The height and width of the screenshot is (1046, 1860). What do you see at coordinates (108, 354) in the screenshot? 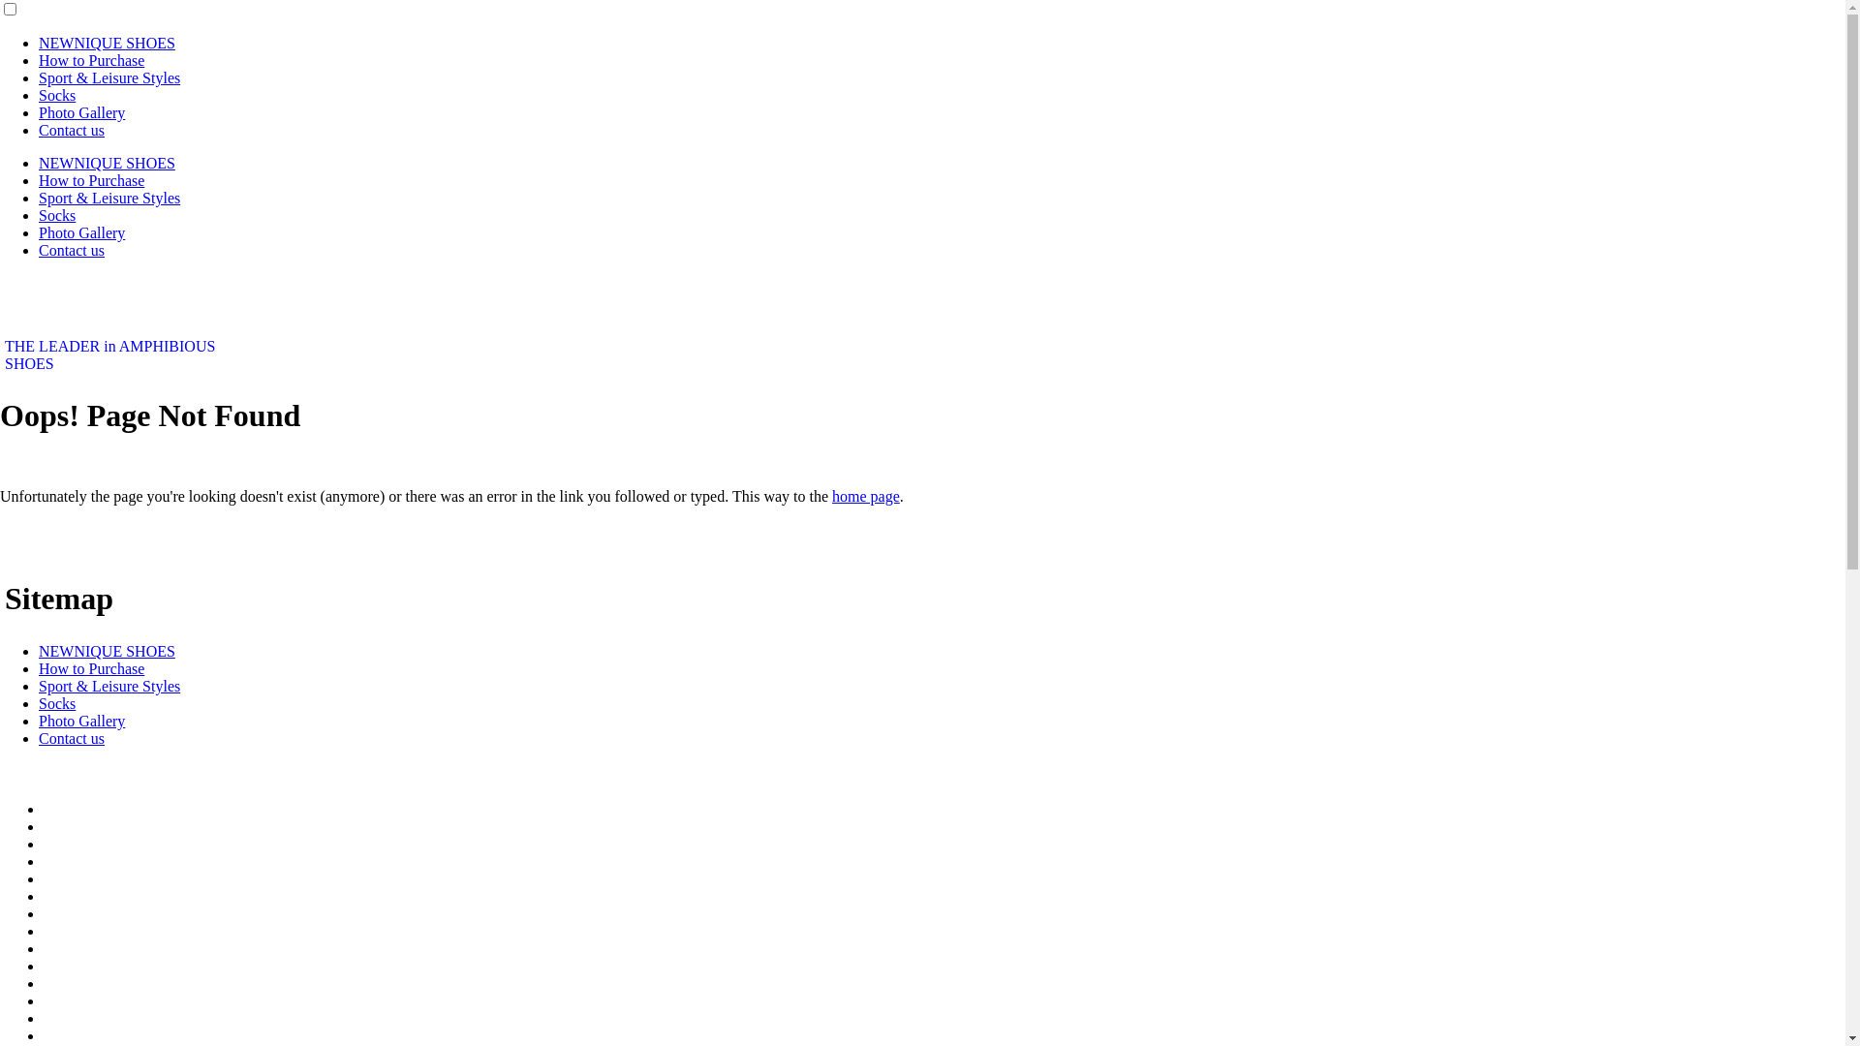
I see `'THE LEADER in AMPHIBIOUS` at bounding box center [108, 354].